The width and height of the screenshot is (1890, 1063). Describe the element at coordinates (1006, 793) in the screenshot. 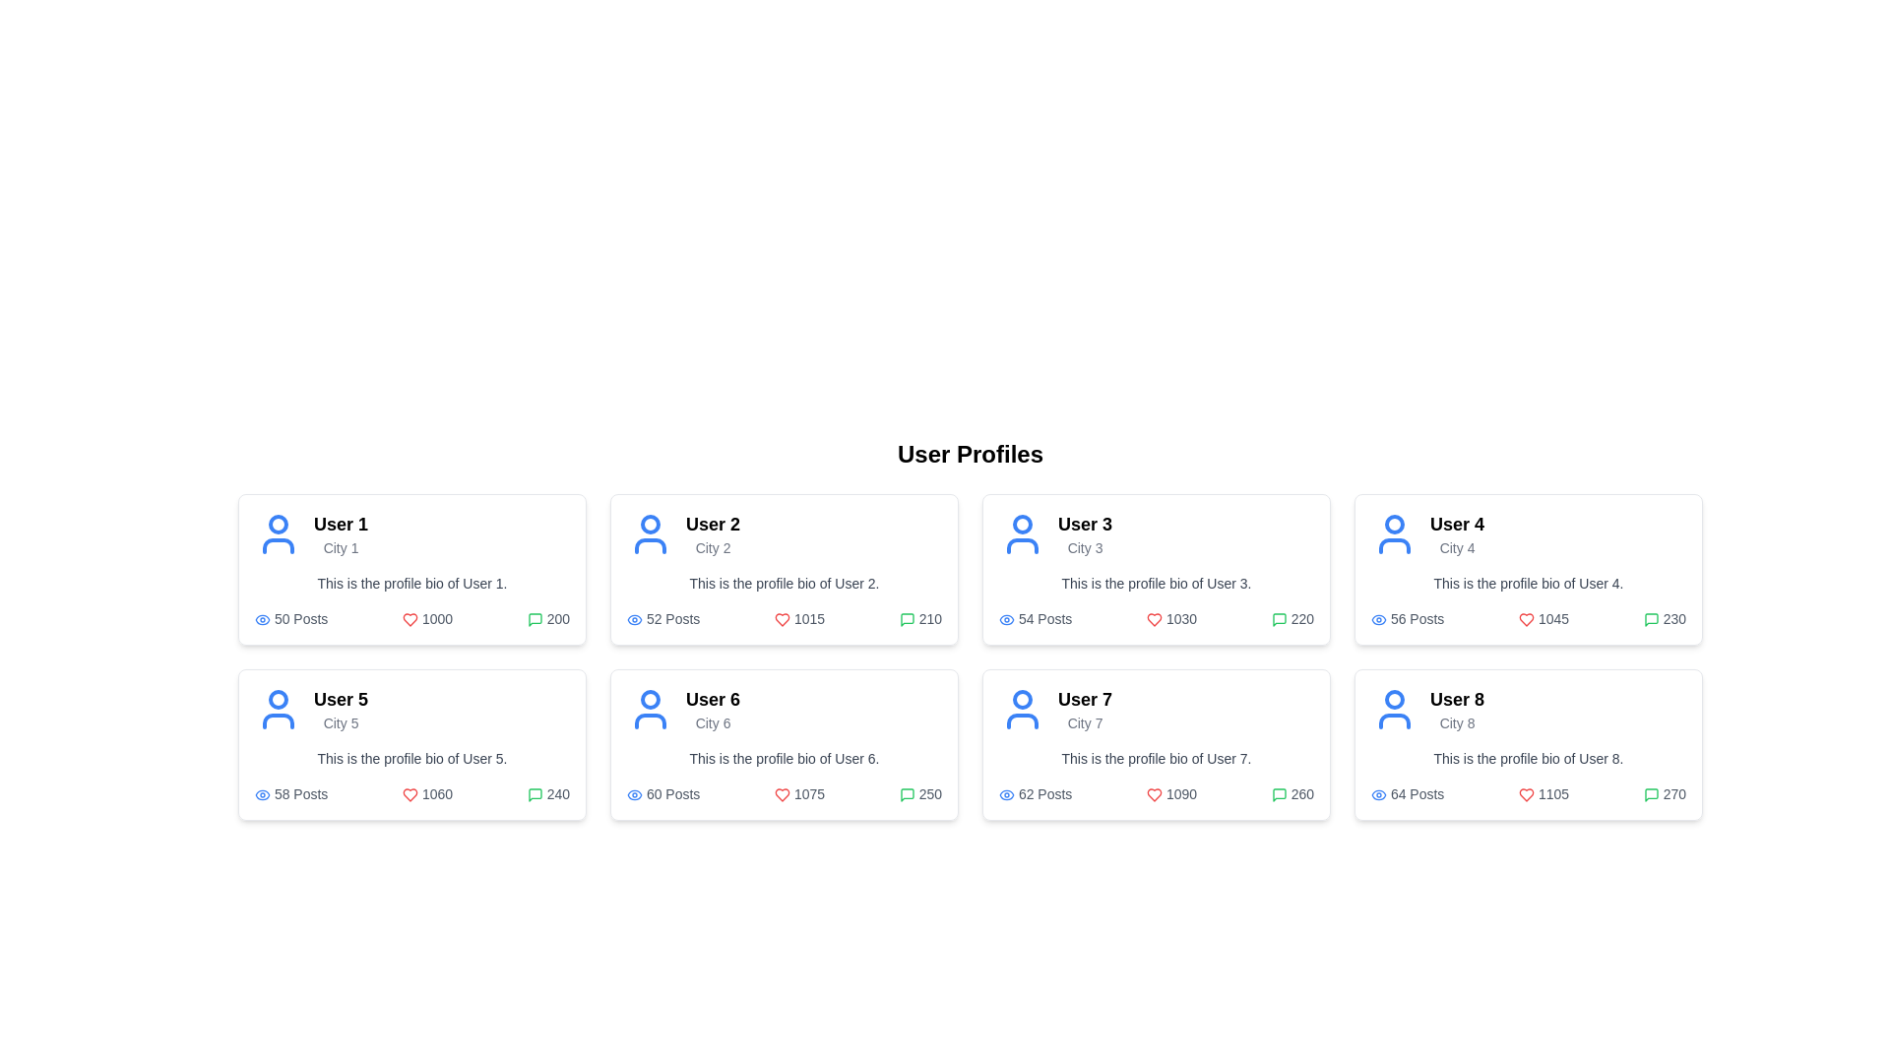

I see `the view count icon located in the '62 Posts' group of the 'User 7' profile card, which indicates the number of times the profile has been viewed` at that location.